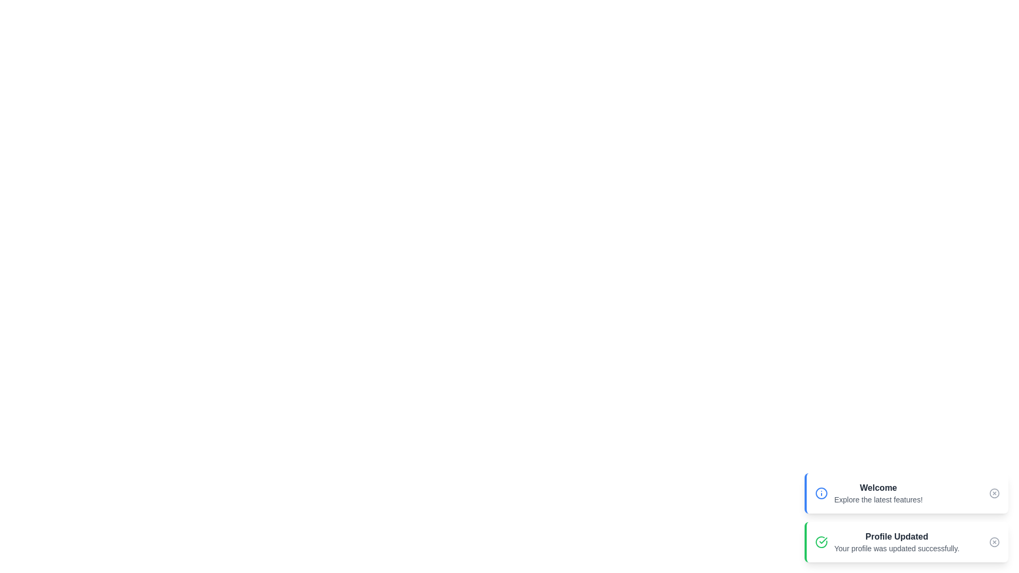 The height and width of the screenshot is (573, 1019). I want to click on the close button of the snackbar with the title Welcome, so click(994, 493).